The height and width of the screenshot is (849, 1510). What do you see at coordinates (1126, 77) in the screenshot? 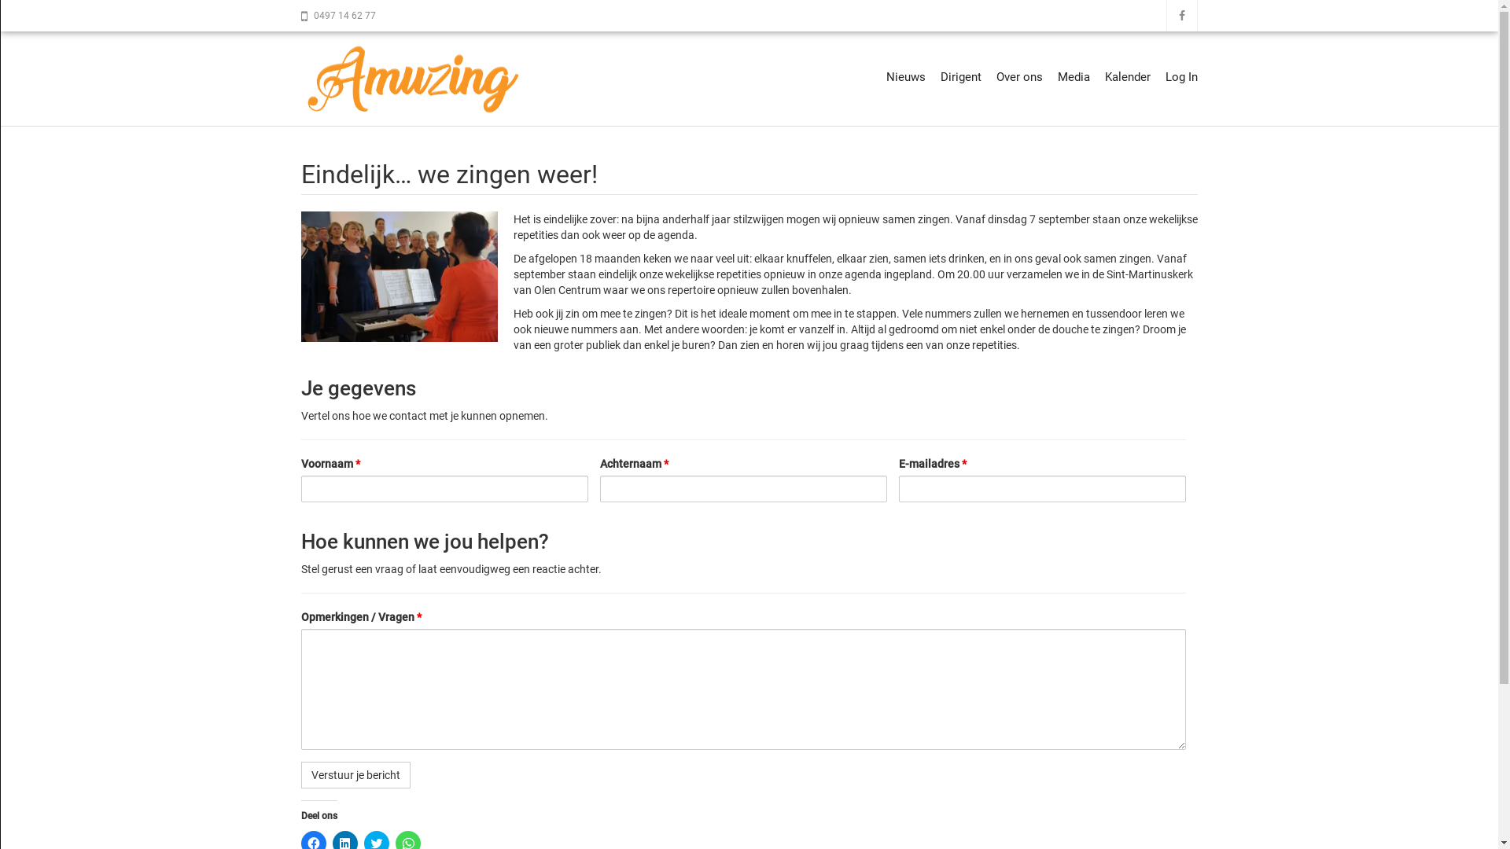
I see `'Kalender'` at bounding box center [1126, 77].